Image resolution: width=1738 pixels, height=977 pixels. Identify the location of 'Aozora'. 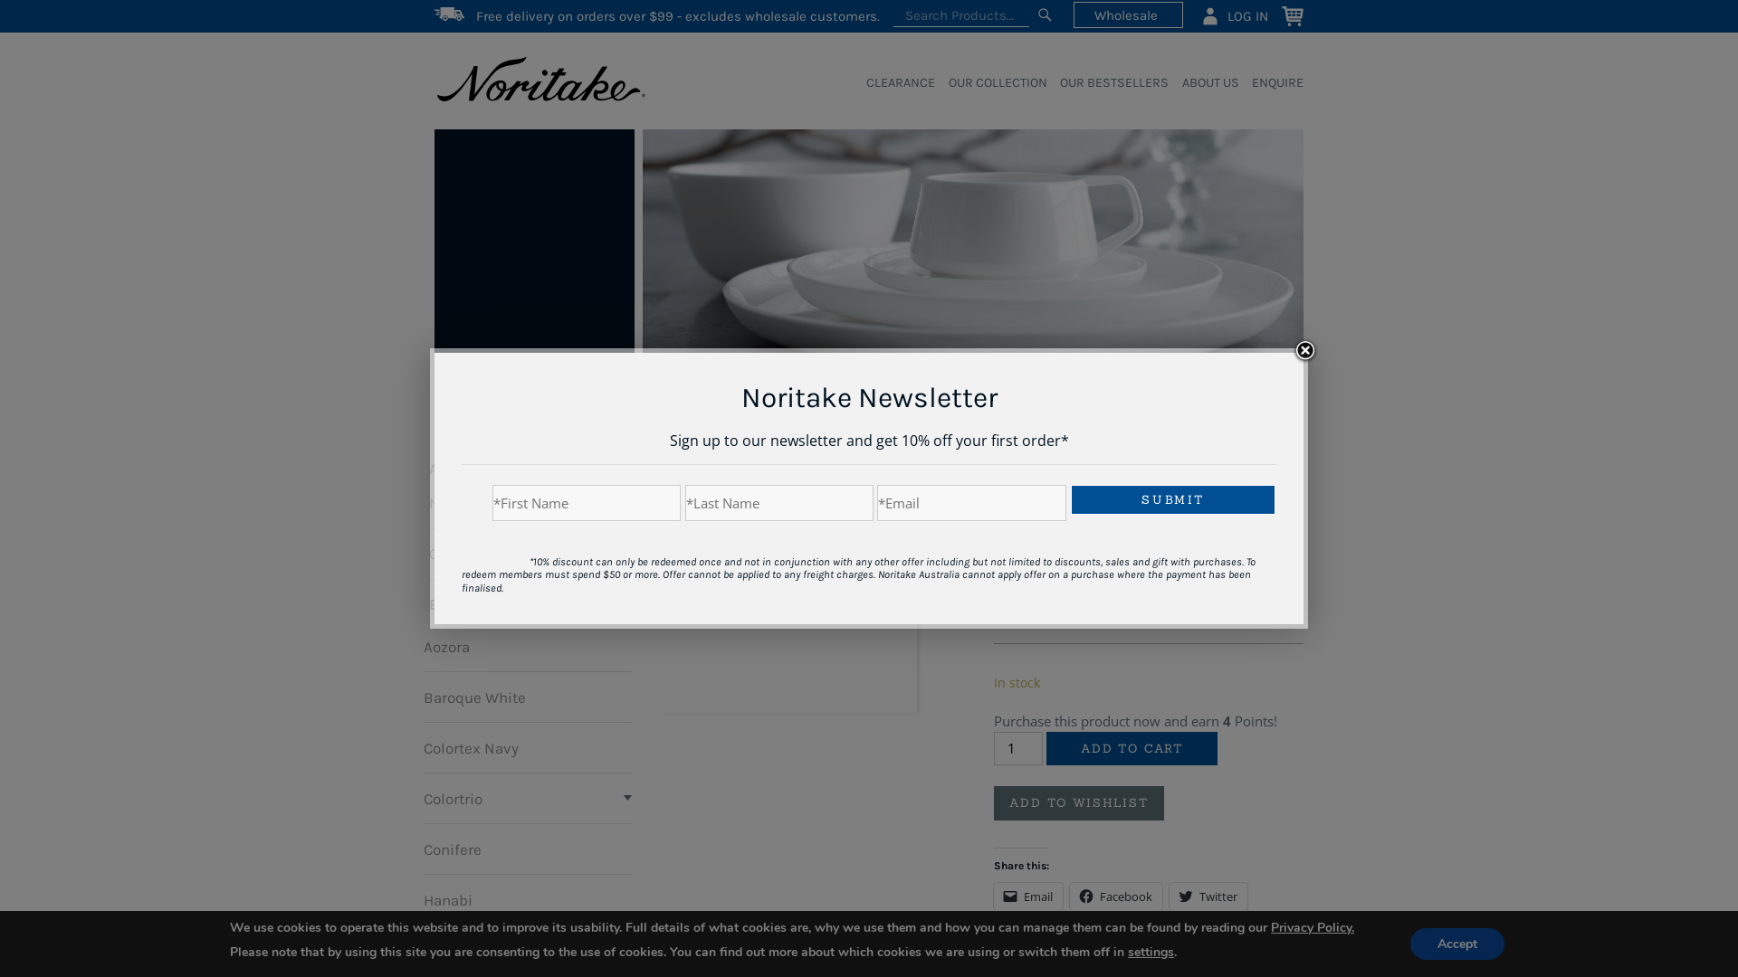
(422, 644).